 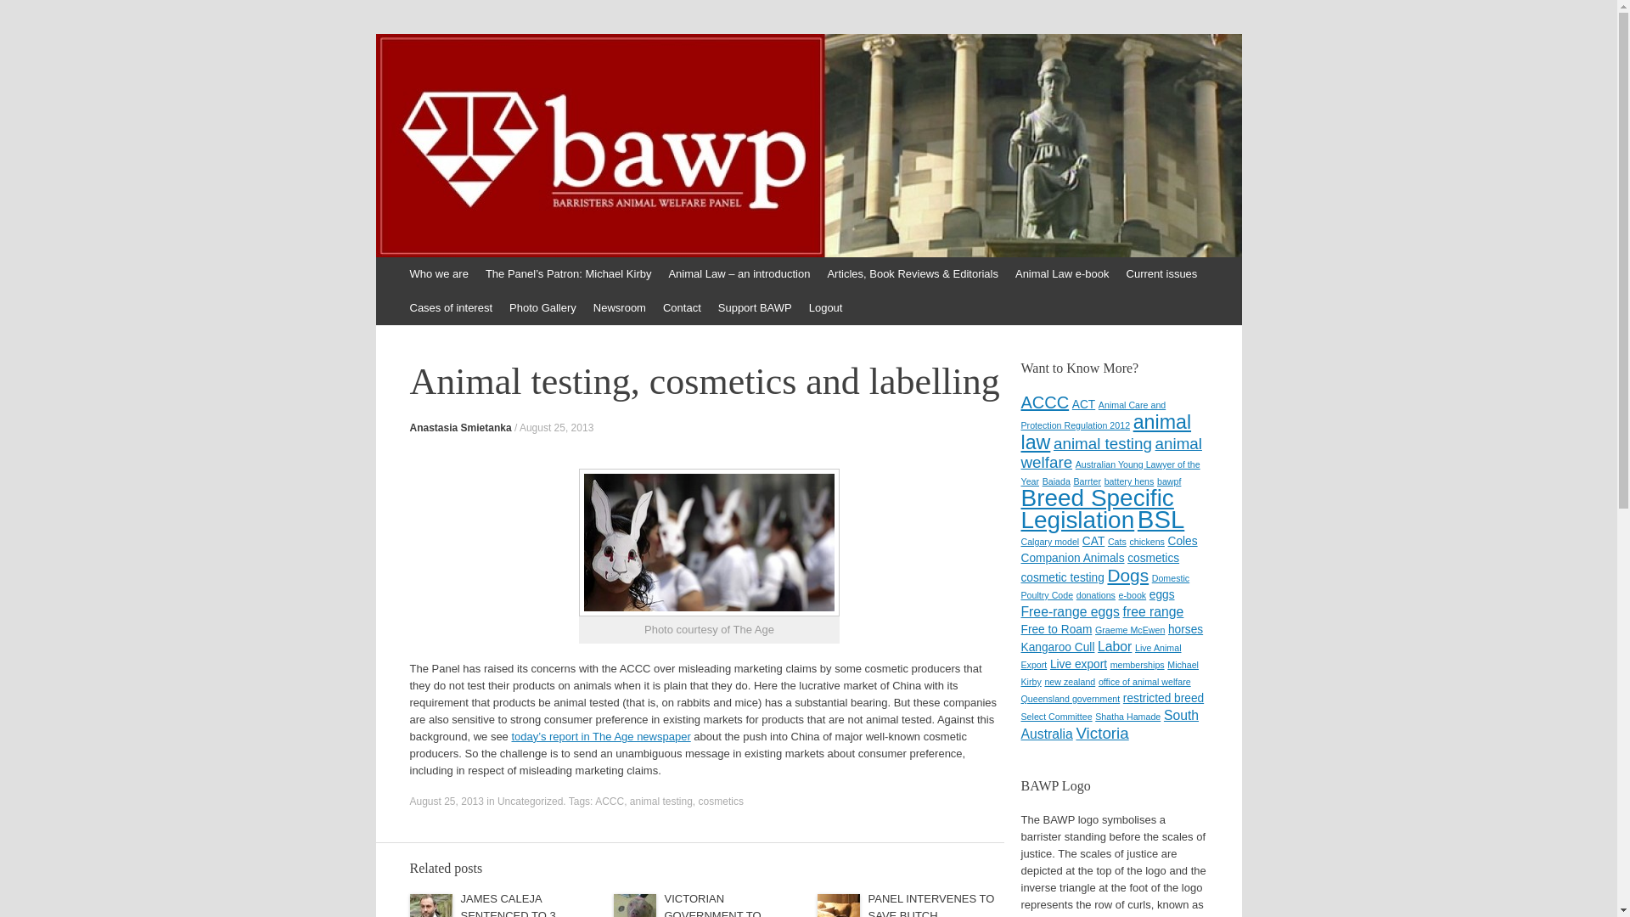 I want to click on 'Newsroom', so click(x=618, y=307).